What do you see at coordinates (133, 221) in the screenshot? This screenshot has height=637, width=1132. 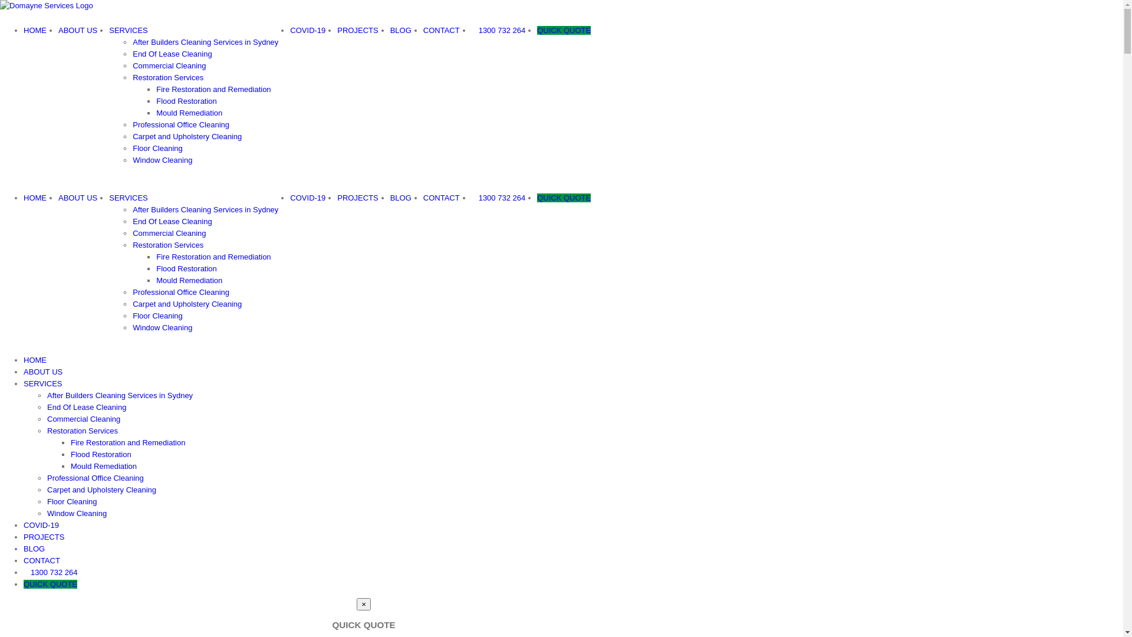 I see `'End Of Lease Cleaning'` at bounding box center [133, 221].